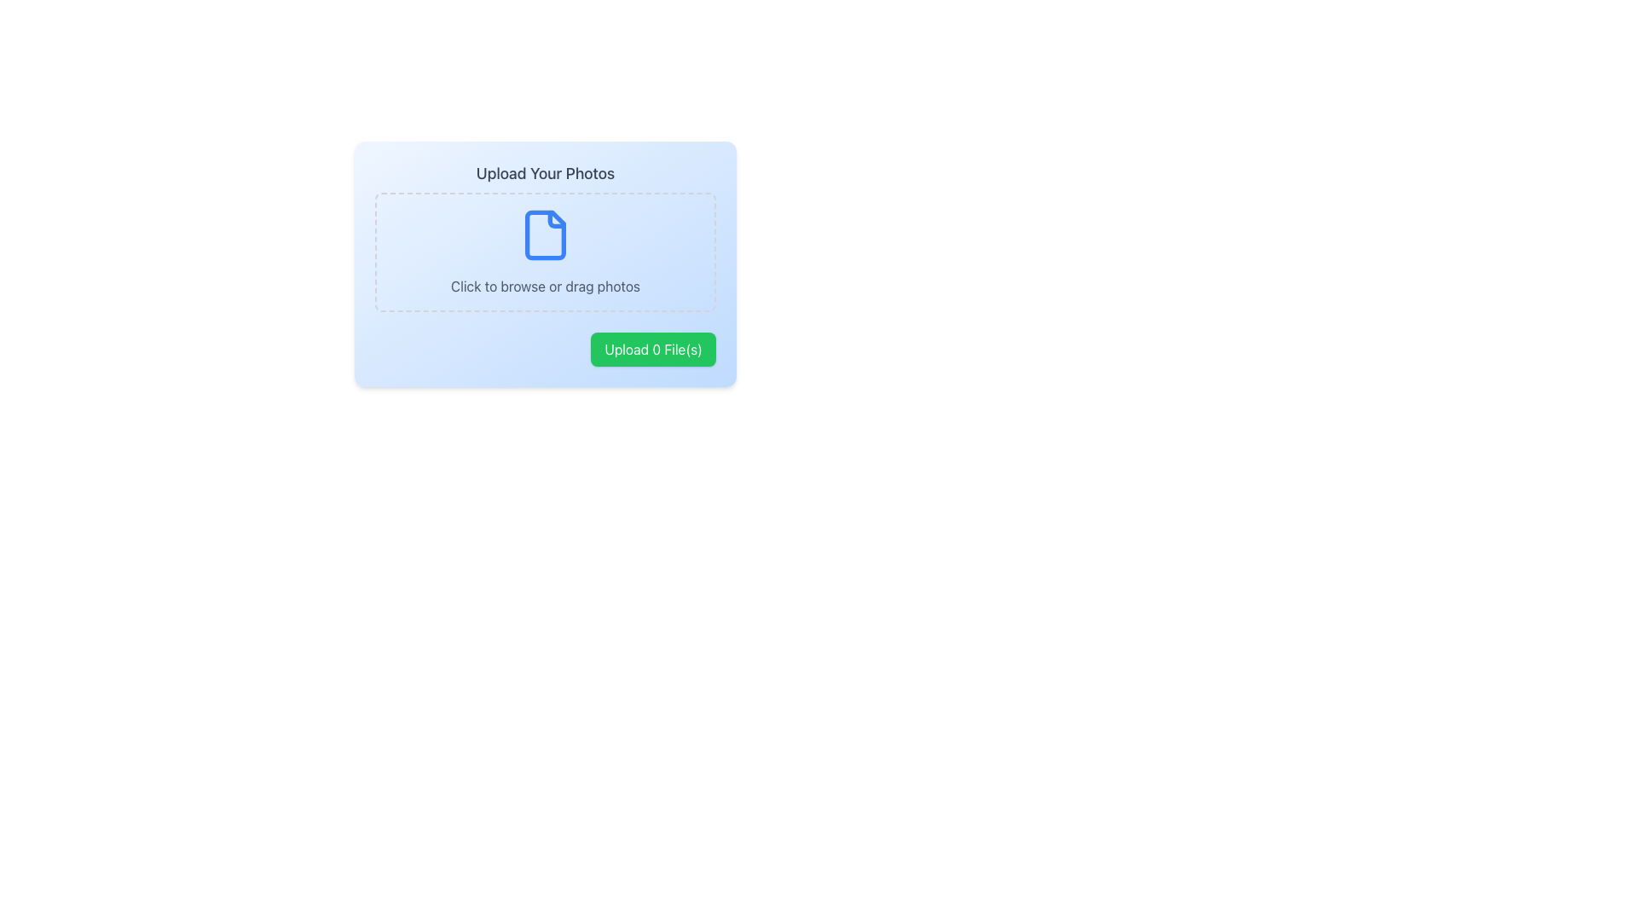 The image size is (1637, 921). I want to click on the File Upload Area located centrally beneath the text 'Upload Your Photos', so click(544, 252).